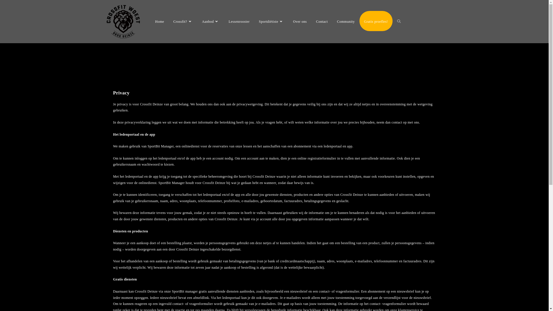  What do you see at coordinates (239, 21) in the screenshot?
I see `'Lessenrooster'` at bounding box center [239, 21].